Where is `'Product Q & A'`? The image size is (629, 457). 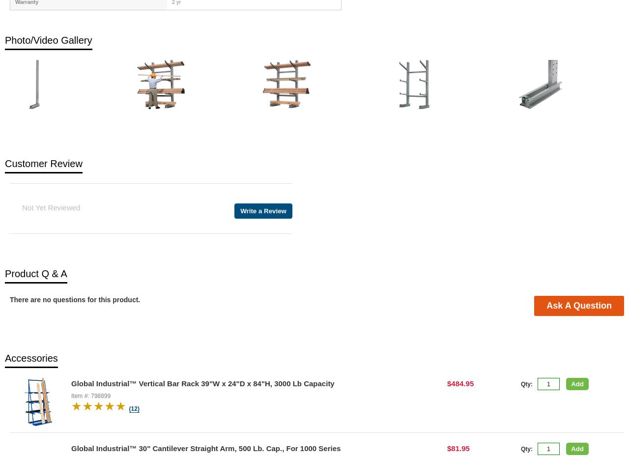 'Product Q & A' is located at coordinates (35, 273).